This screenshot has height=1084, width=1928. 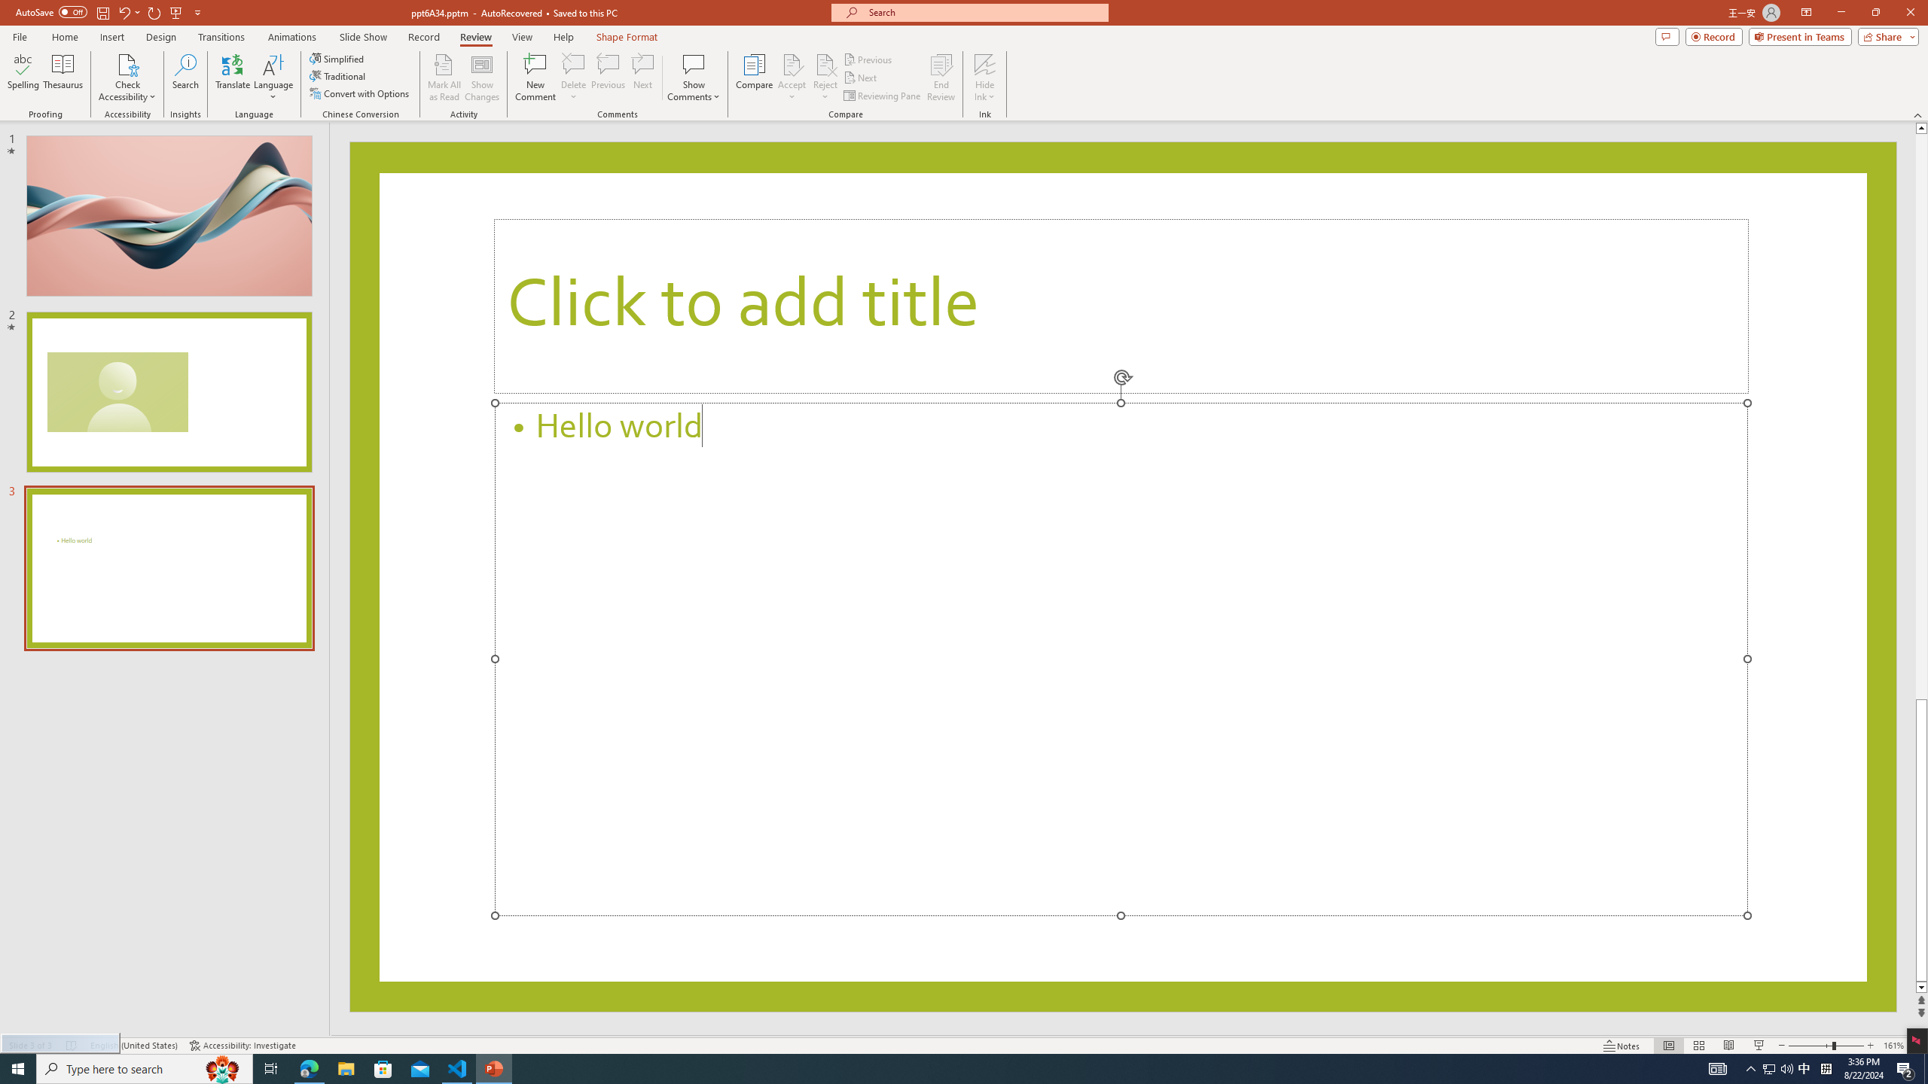 What do you see at coordinates (1840, 12) in the screenshot?
I see `'Minimize'` at bounding box center [1840, 12].